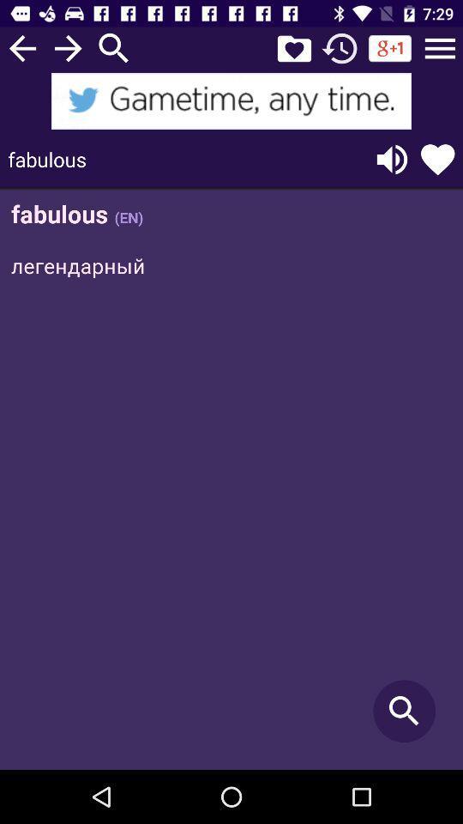 The width and height of the screenshot is (463, 824). I want to click on fabulous search, so click(231, 480).